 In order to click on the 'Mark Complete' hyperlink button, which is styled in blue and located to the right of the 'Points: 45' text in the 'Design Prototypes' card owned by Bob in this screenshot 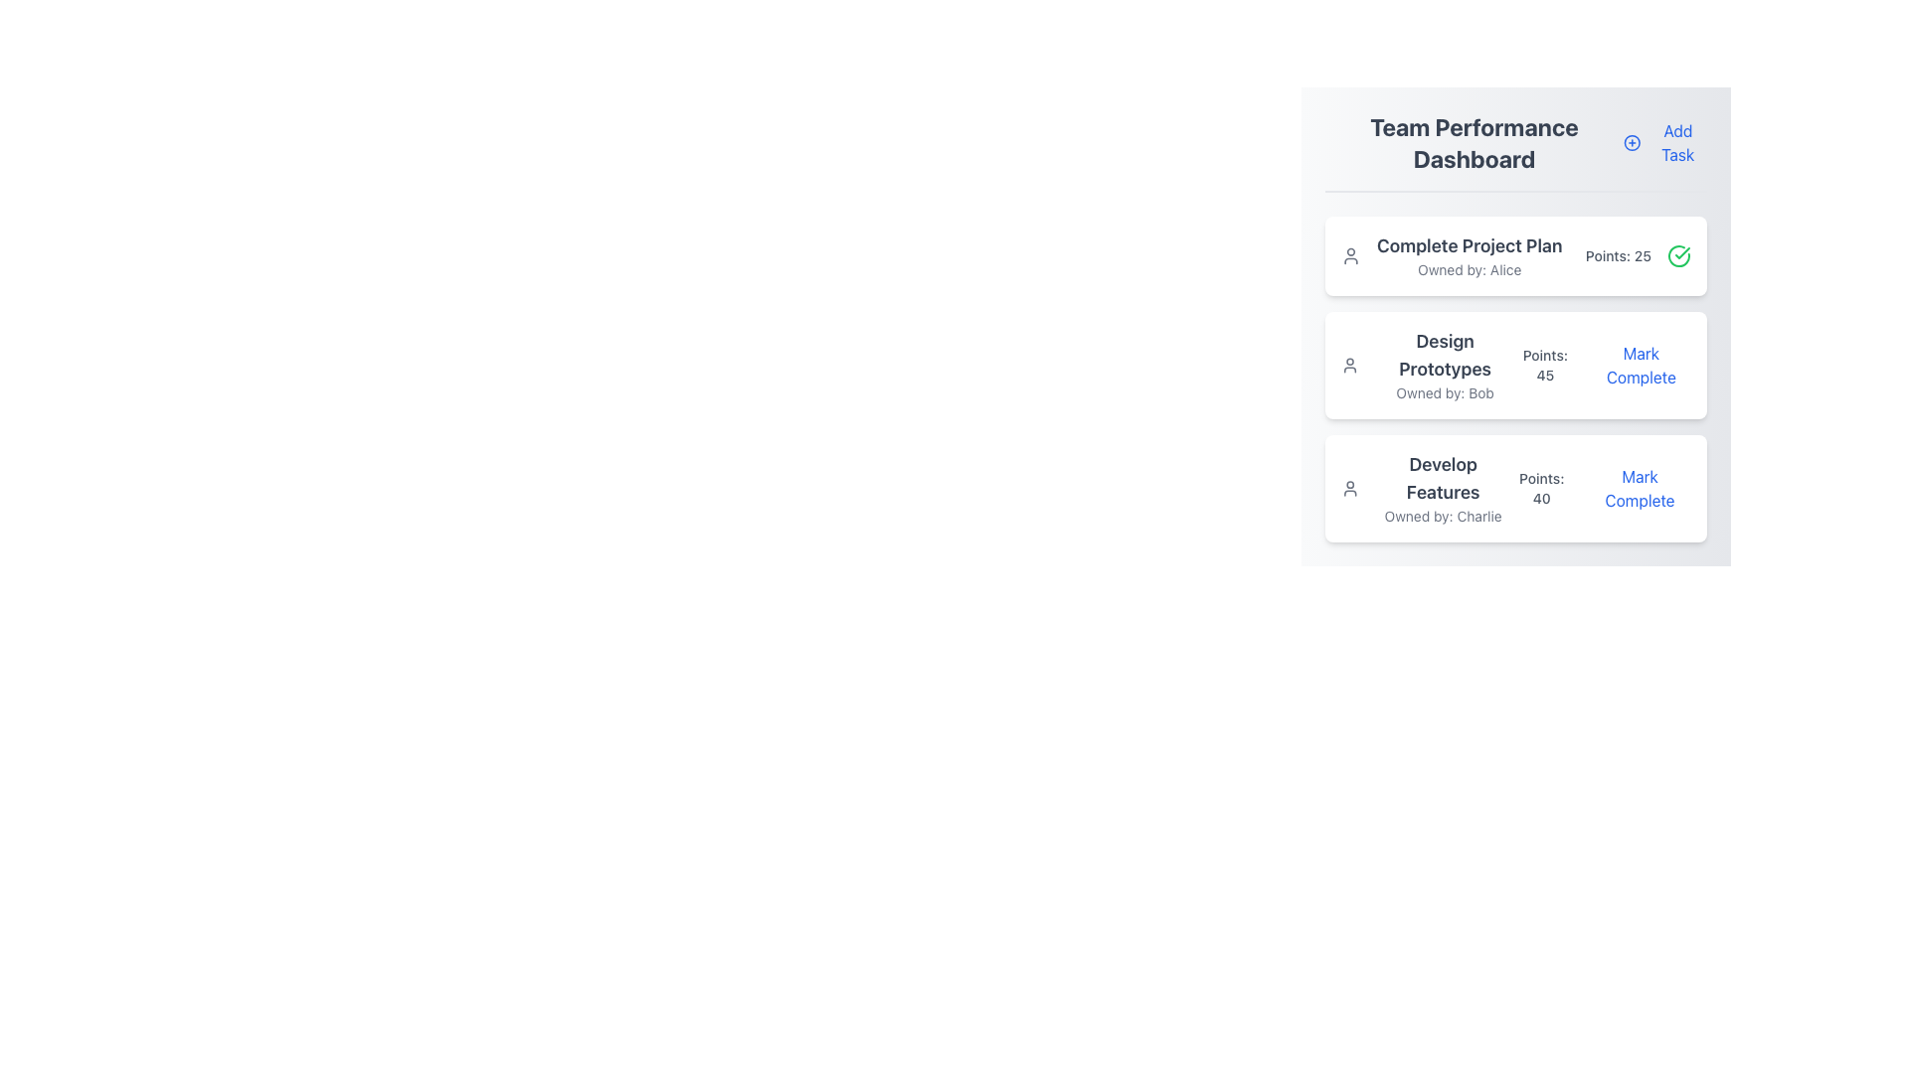, I will do `click(1603, 365)`.